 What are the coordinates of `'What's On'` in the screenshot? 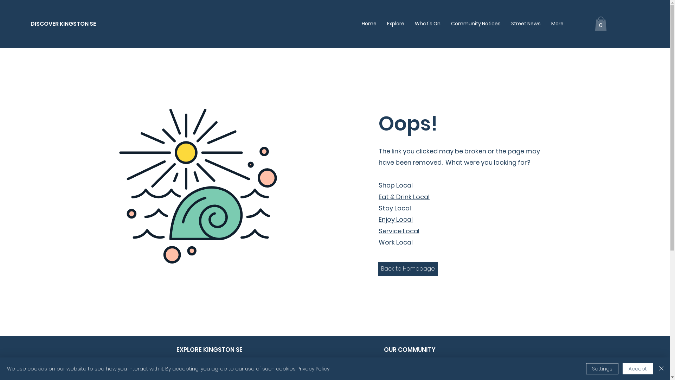 It's located at (427, 23).